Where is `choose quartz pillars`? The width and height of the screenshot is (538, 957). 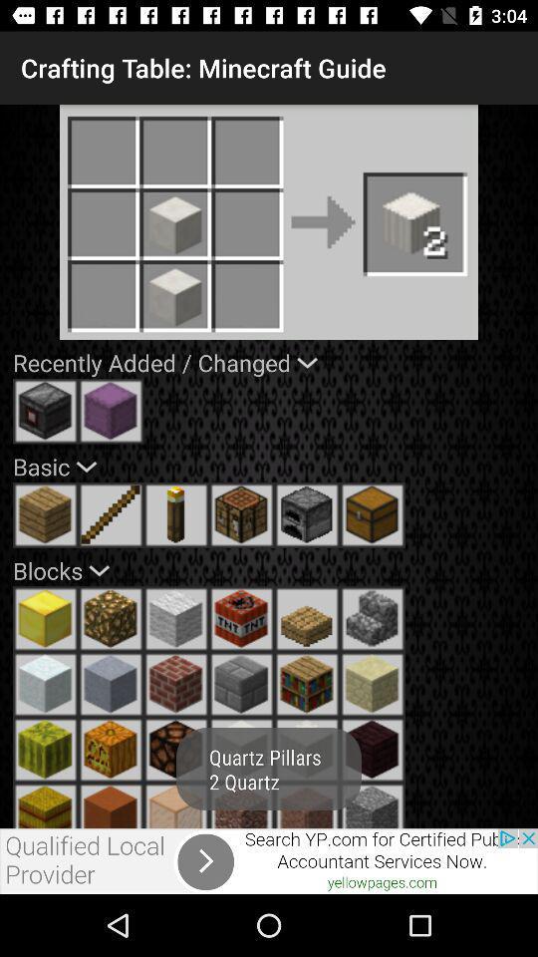 choose quartz pillars is located at coordinates (176, 805).